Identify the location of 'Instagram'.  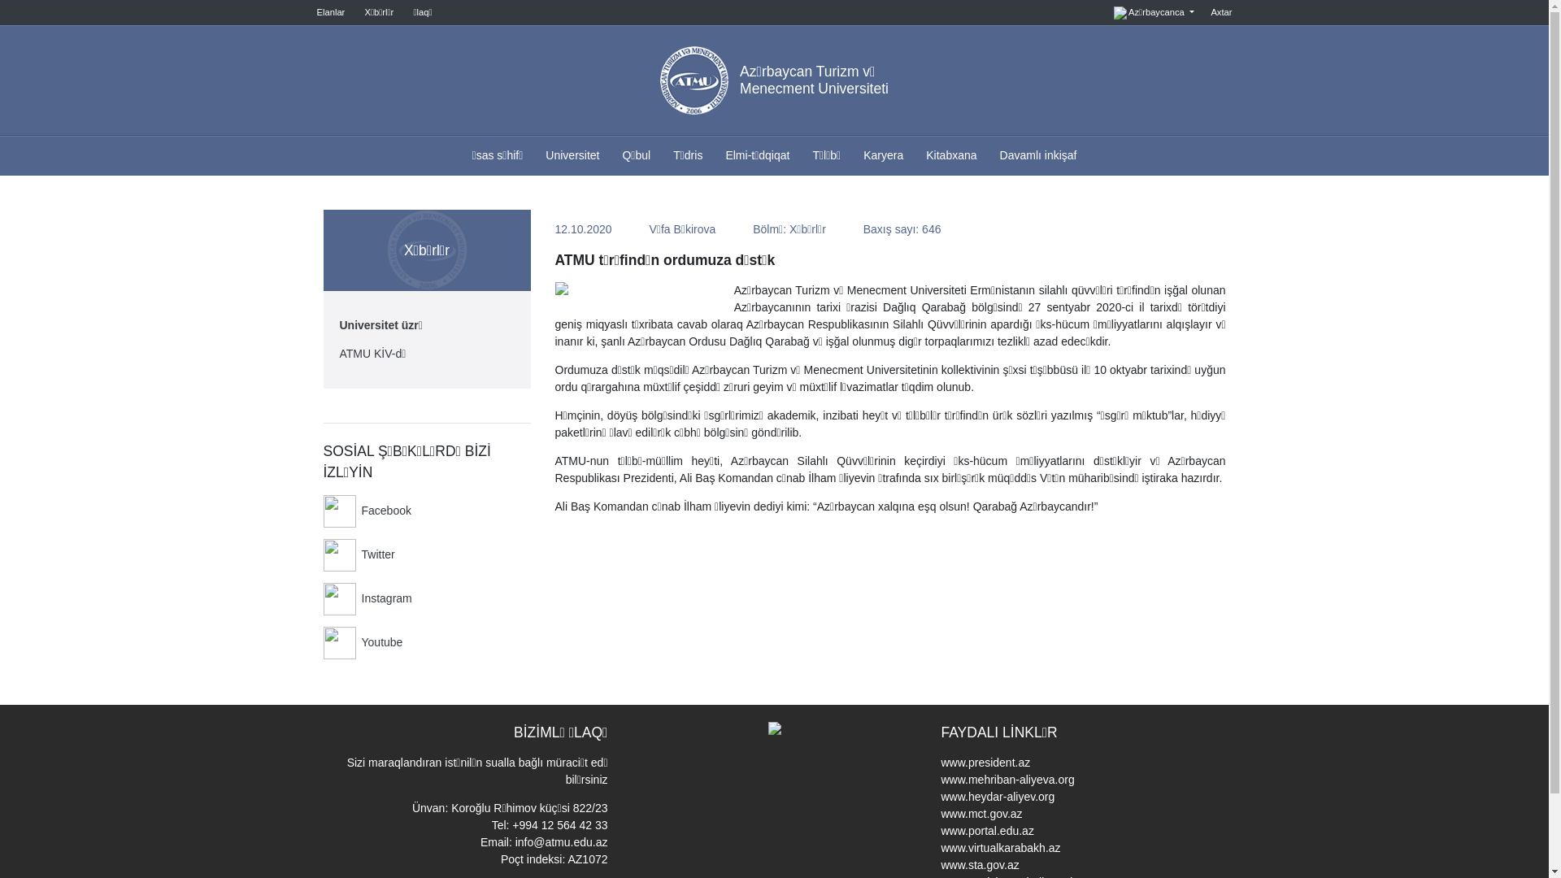
(324, 598).